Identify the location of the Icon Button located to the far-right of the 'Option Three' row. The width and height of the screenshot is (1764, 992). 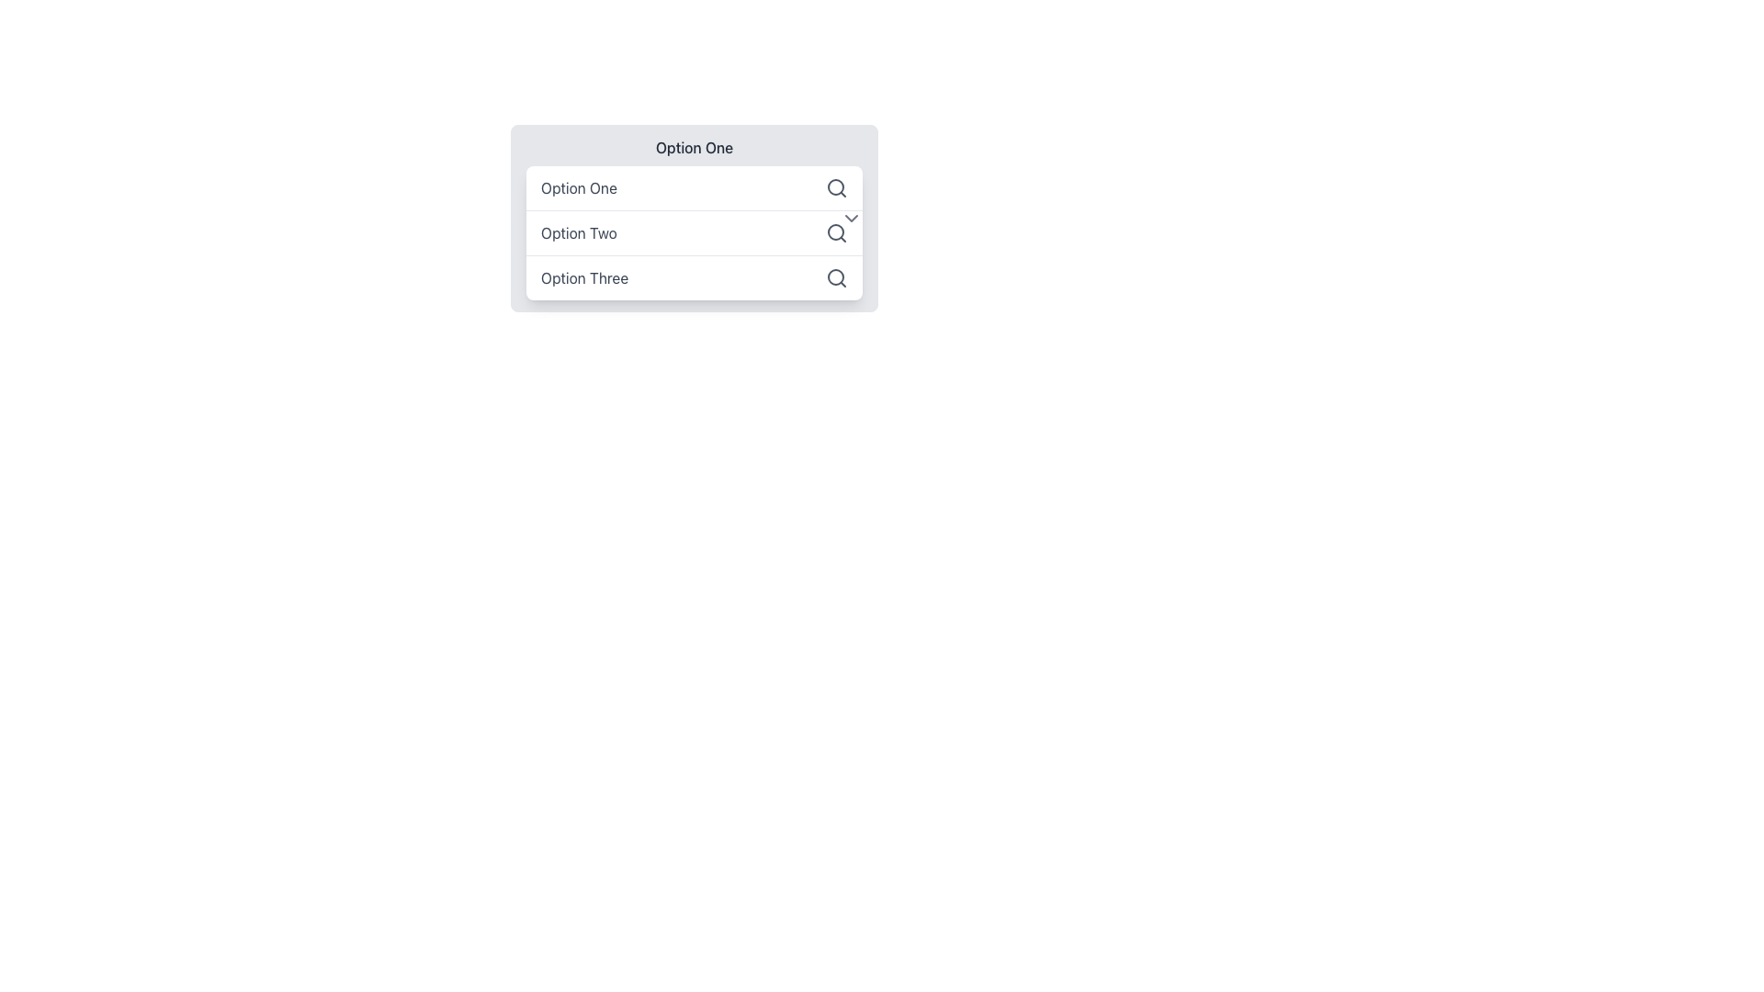
(836, 278).